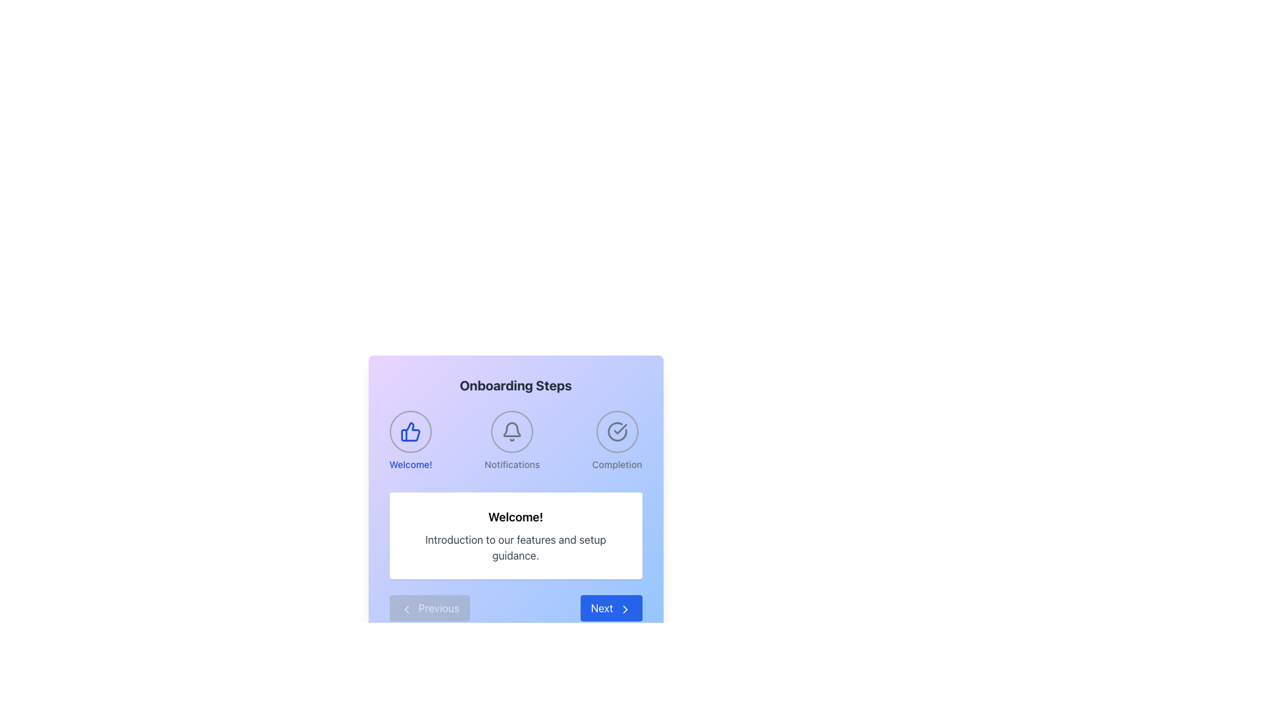  I want to click on the circular icon in the 'Completion' section of the onboarding process, which is the only visible graphic element in that area, so click(616, 431).